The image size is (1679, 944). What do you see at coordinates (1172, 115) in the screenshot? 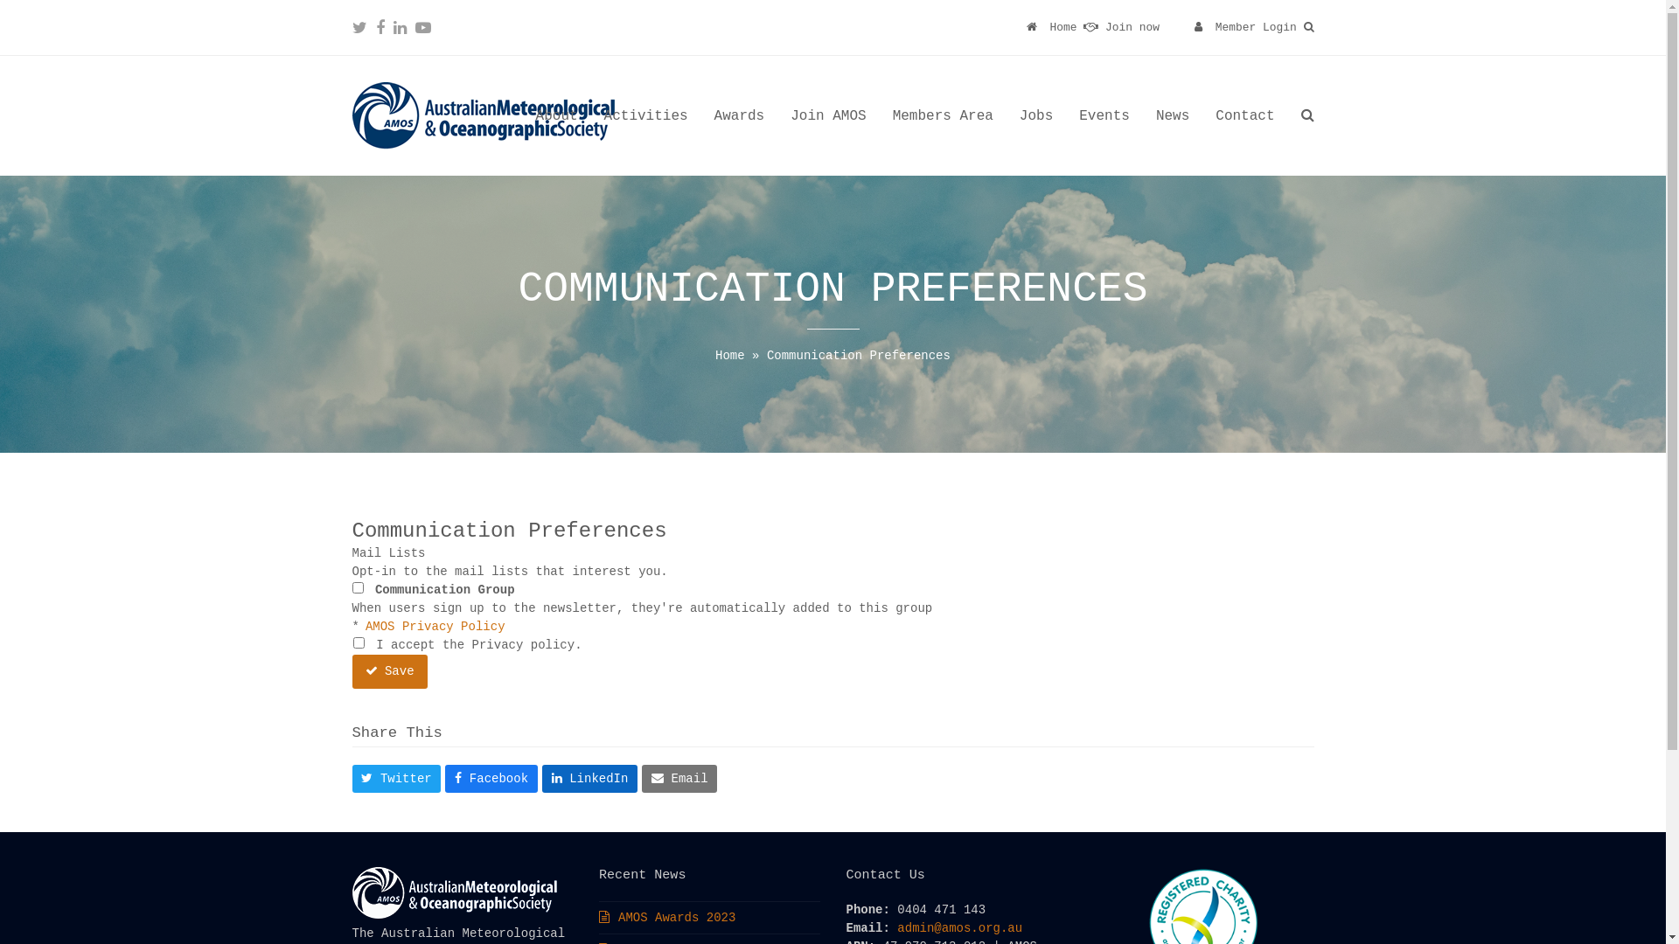
I see `'News'` at bounding box center [1172, 115].